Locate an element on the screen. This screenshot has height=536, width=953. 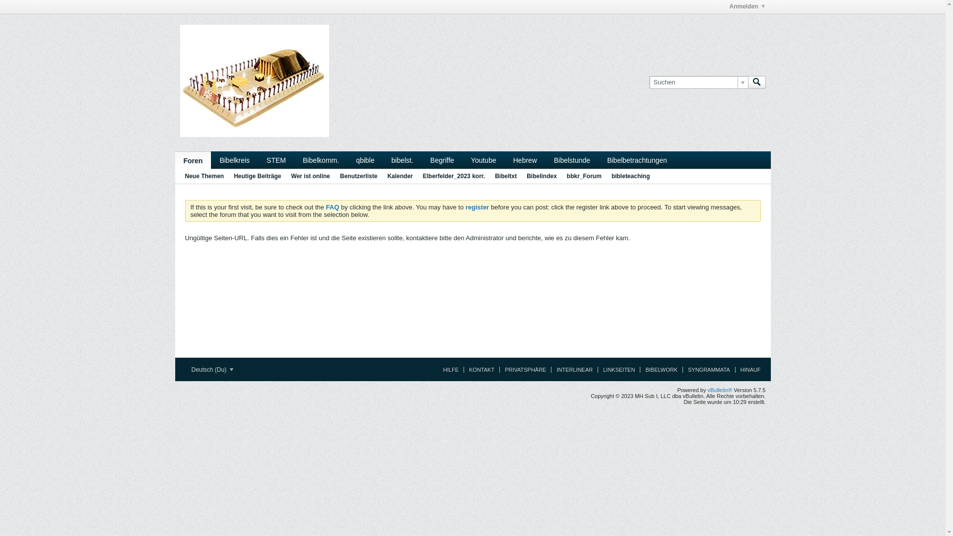
'Foren' is located at coordinates (193, 160).